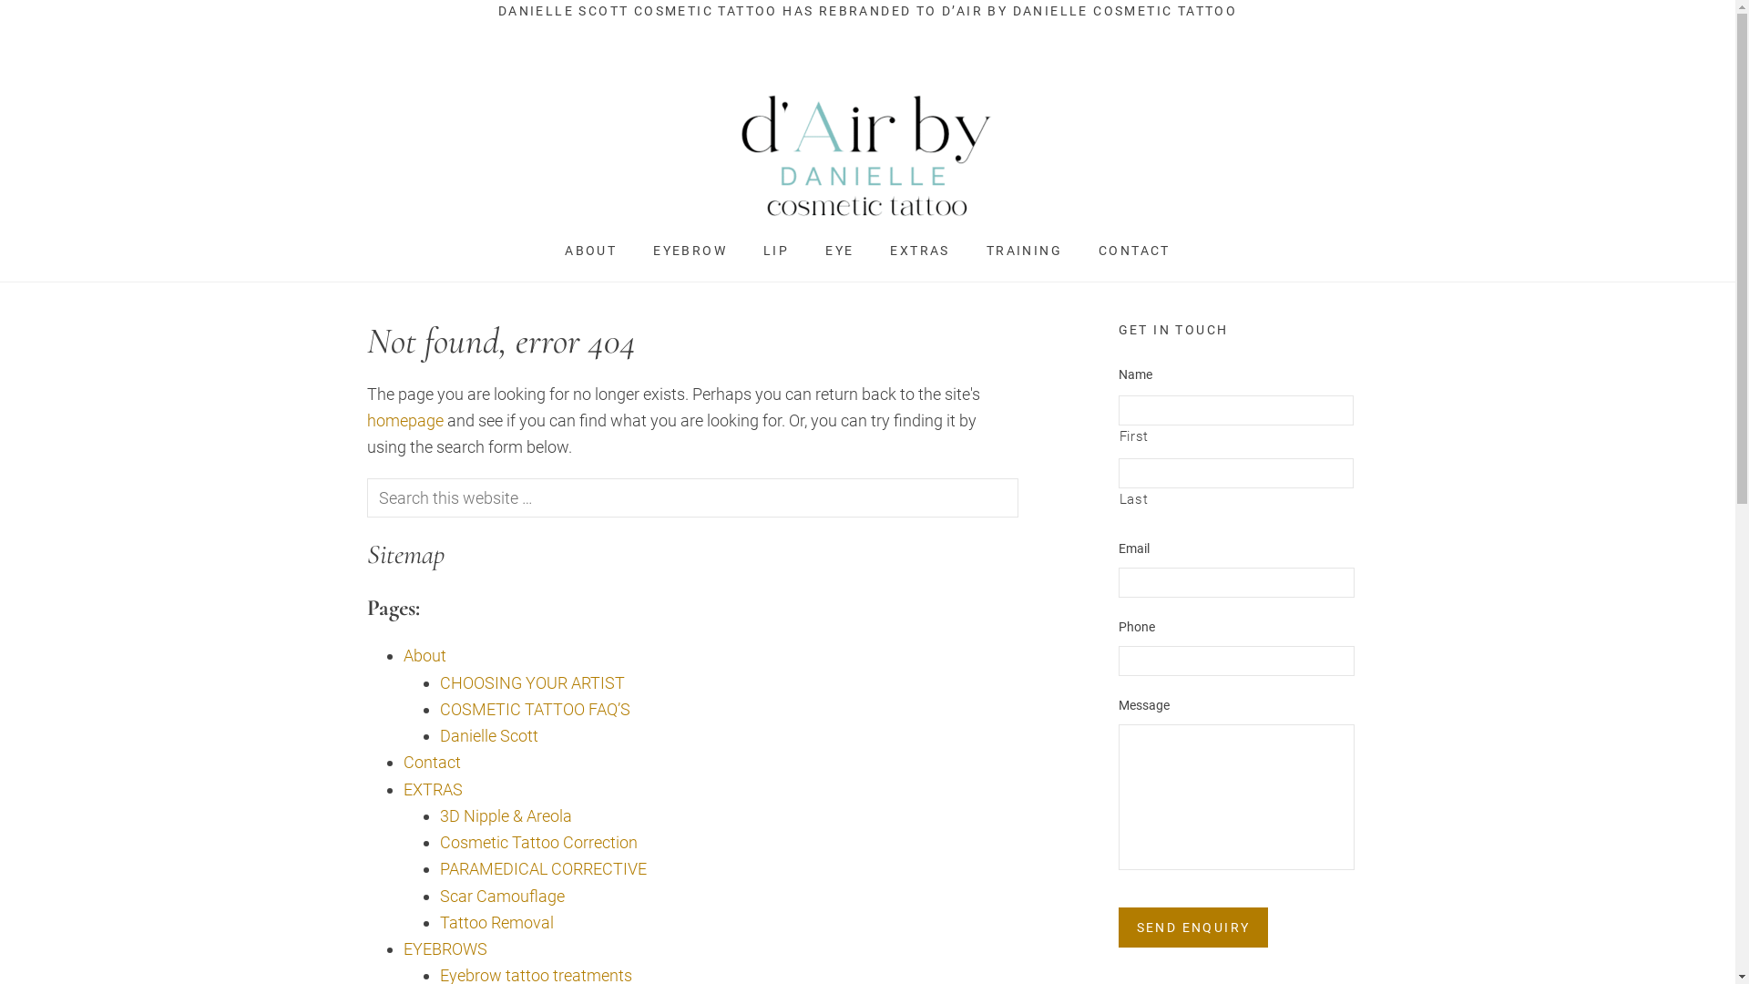  What do you see at coordinates (505, 815) in the screenshot?
I see `'3D Nipple & Areola'` at bounding box center [505, 815].